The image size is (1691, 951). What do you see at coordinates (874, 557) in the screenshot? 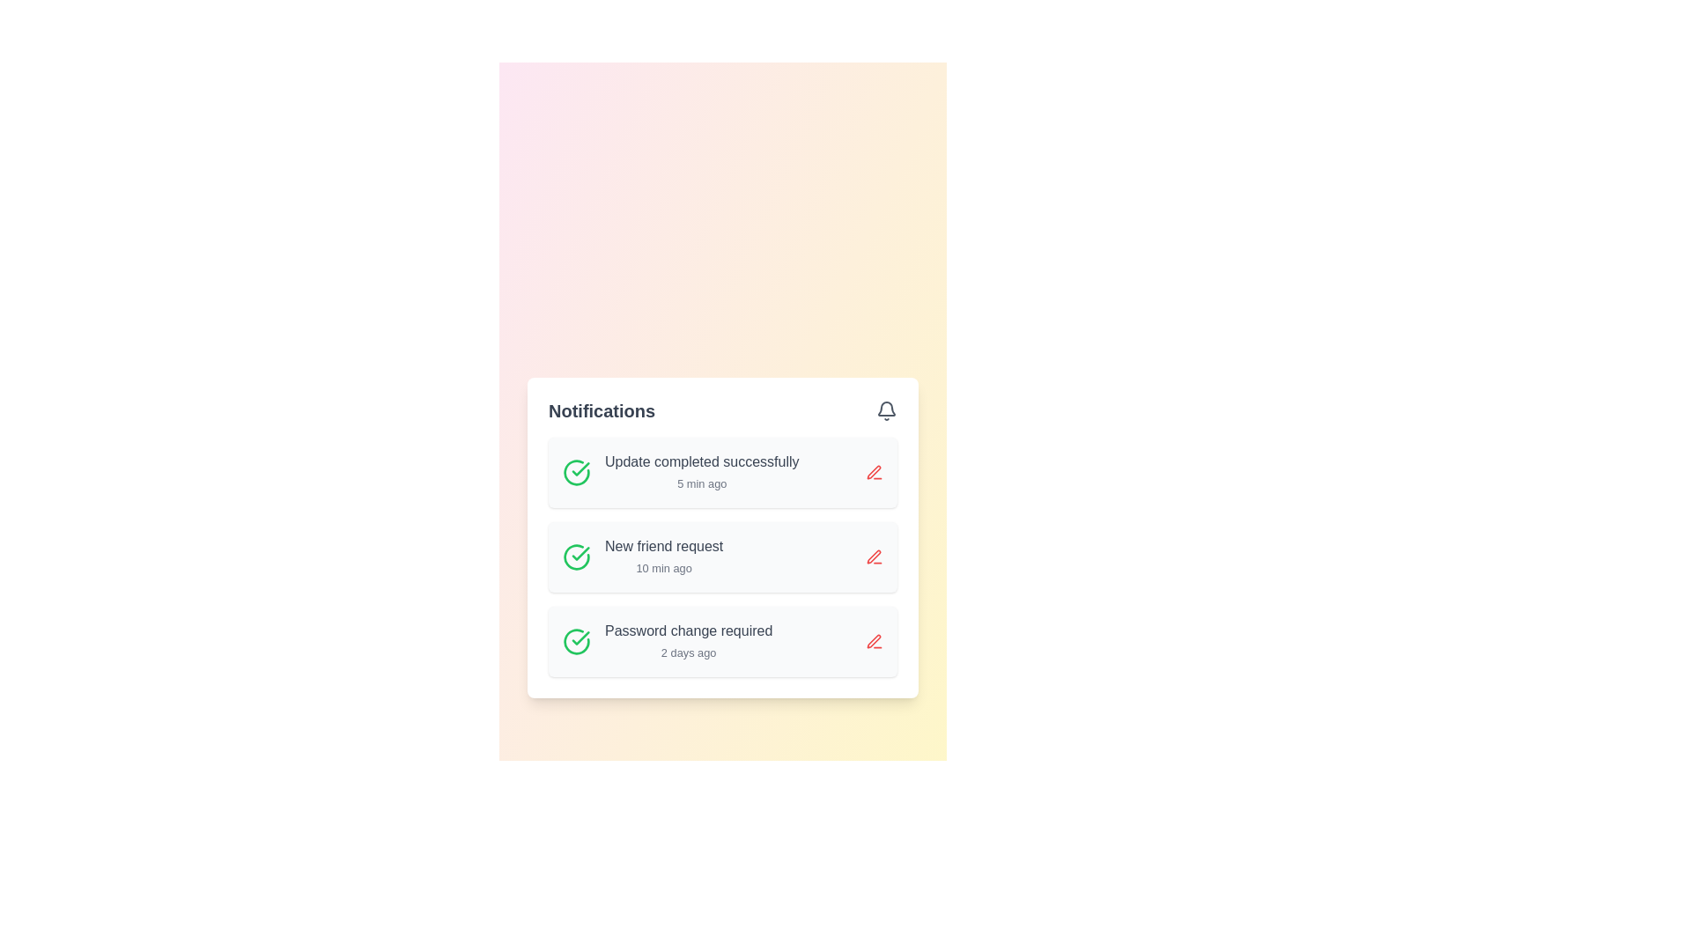
I see `the small red icon button resembling a pen, located in the bottom-right corner of the second notification box within the 'Notifications' card` at bounding box center [874, 557].